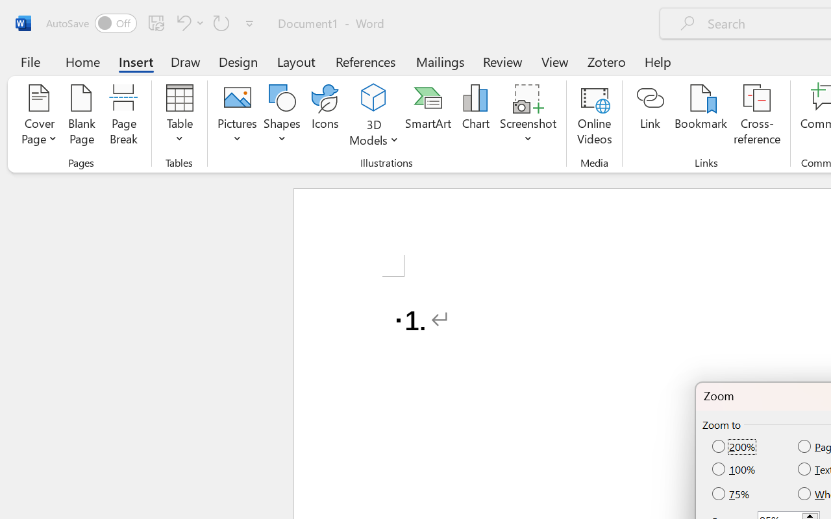 This screenshot has height=519, width=831. Describe the element at coordinates (188, 22) in the screenshot. I see `'Undo Number Default'` at that location.